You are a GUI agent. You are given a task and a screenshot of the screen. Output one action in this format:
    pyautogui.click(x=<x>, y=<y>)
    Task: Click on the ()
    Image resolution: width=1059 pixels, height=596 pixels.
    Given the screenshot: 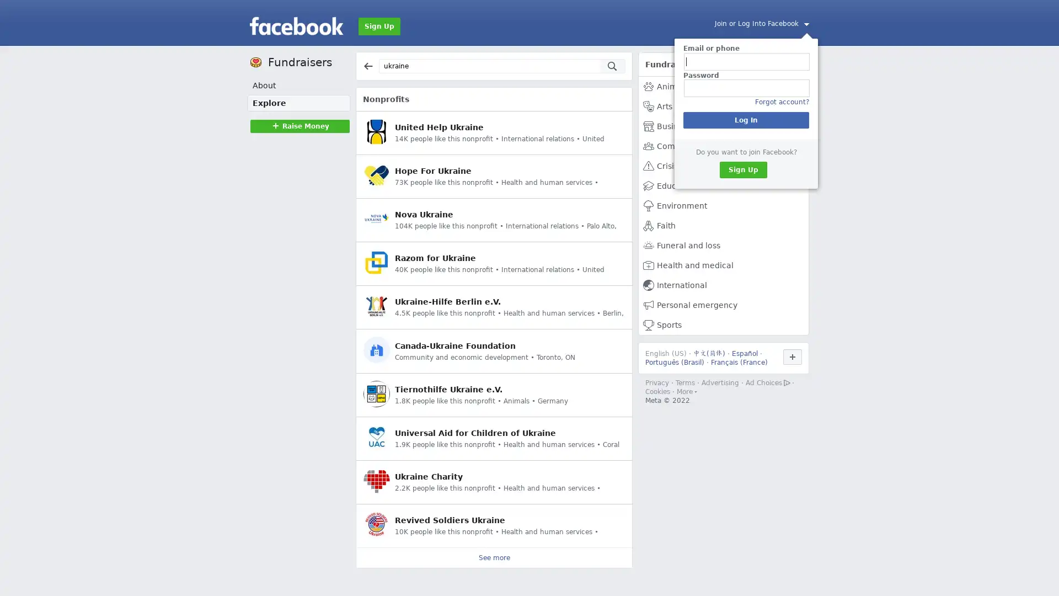 What is the action you would take?
    pyautogui.click(x=709, y=353)
    